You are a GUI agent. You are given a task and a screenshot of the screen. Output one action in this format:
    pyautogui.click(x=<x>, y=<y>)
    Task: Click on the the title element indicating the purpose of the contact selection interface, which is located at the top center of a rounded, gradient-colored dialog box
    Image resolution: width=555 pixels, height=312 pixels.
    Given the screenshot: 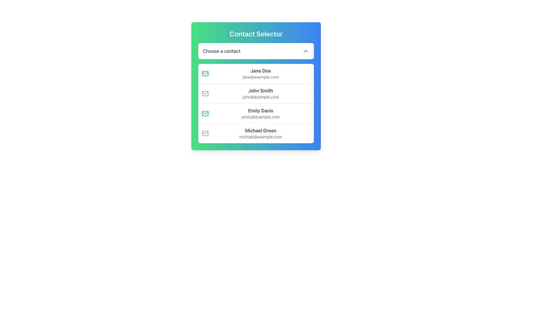 What is the action you would take?
    pyautogui.click(x=256, y=34)
    